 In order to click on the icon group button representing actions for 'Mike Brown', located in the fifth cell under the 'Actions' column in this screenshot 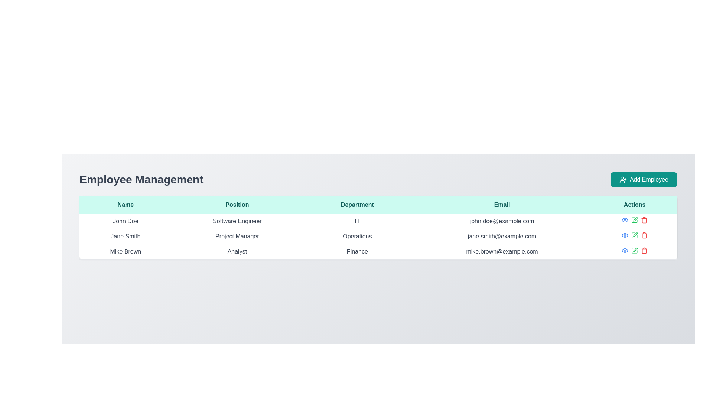, I will do `click(634, 251)`.